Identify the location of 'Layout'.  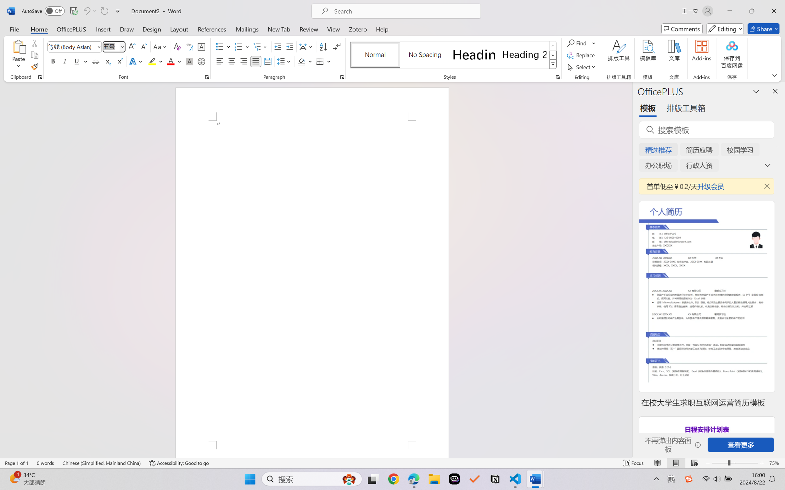
(178, 29).